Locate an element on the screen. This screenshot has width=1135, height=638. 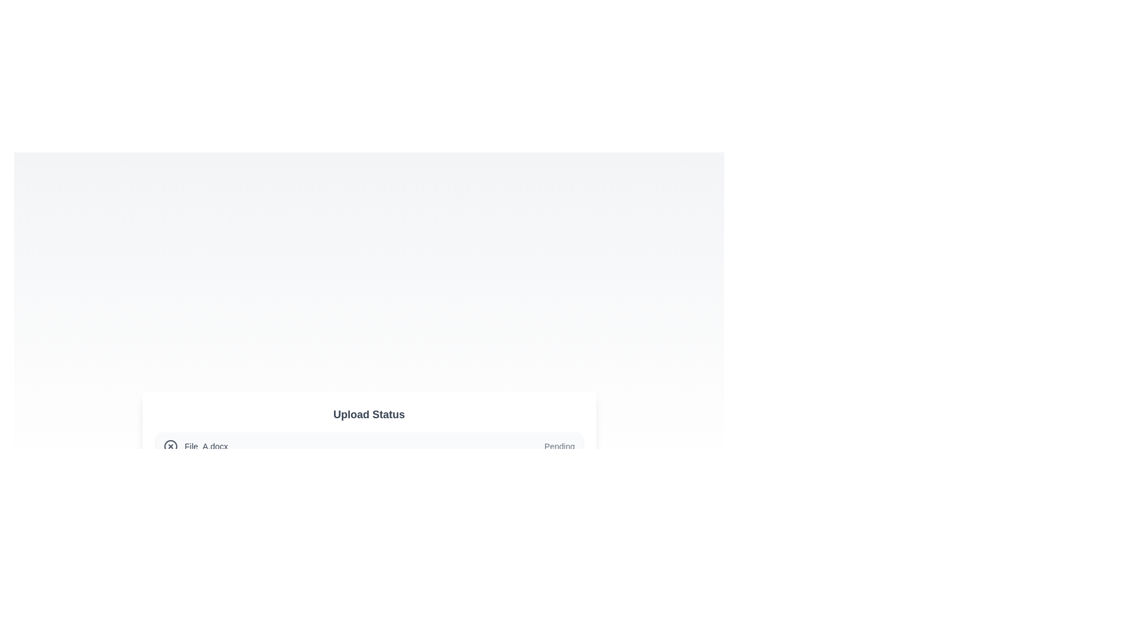
the circular gray icon with a cross (X) inside, located on the left side of the filename indicator 'File_A.docx' is located at coordinates (170, 447).